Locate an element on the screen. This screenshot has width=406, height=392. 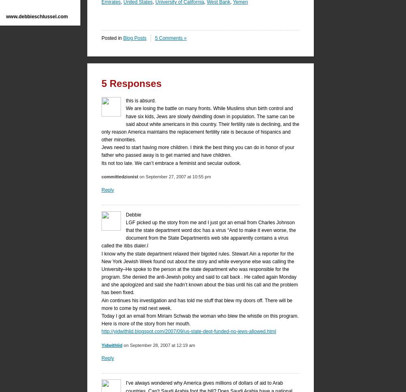
'www.debbieschlussel.com' is located at coordinates (6, 17).